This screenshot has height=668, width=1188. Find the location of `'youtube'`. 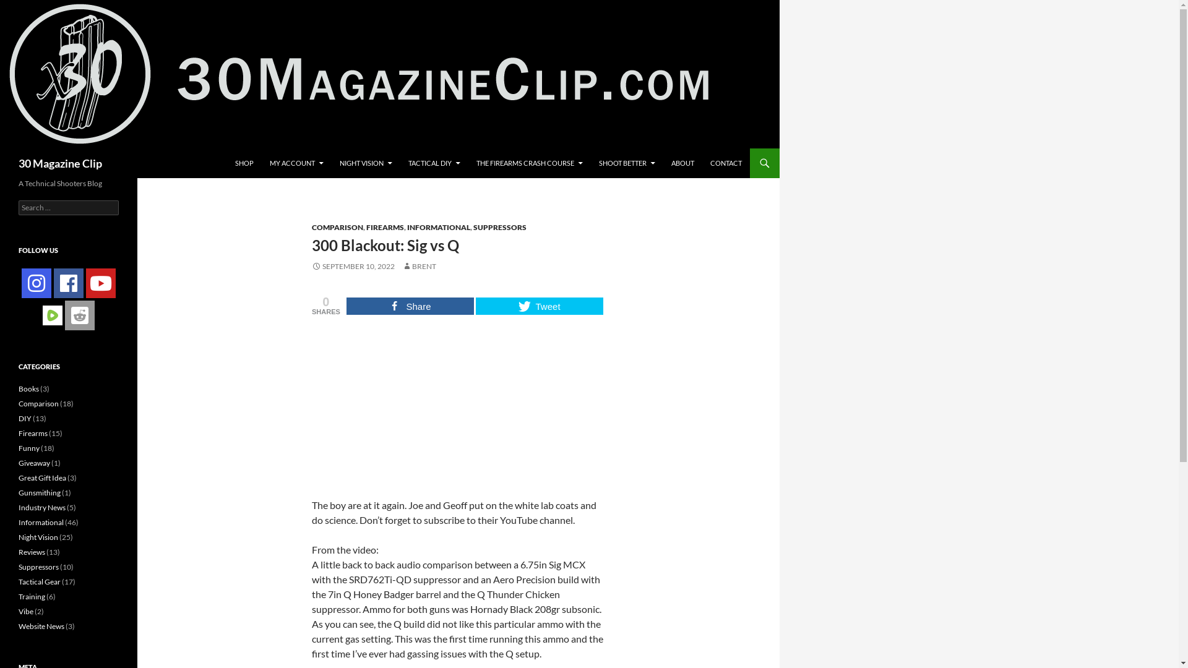

'youtube' is located at coordinates (101, 283).